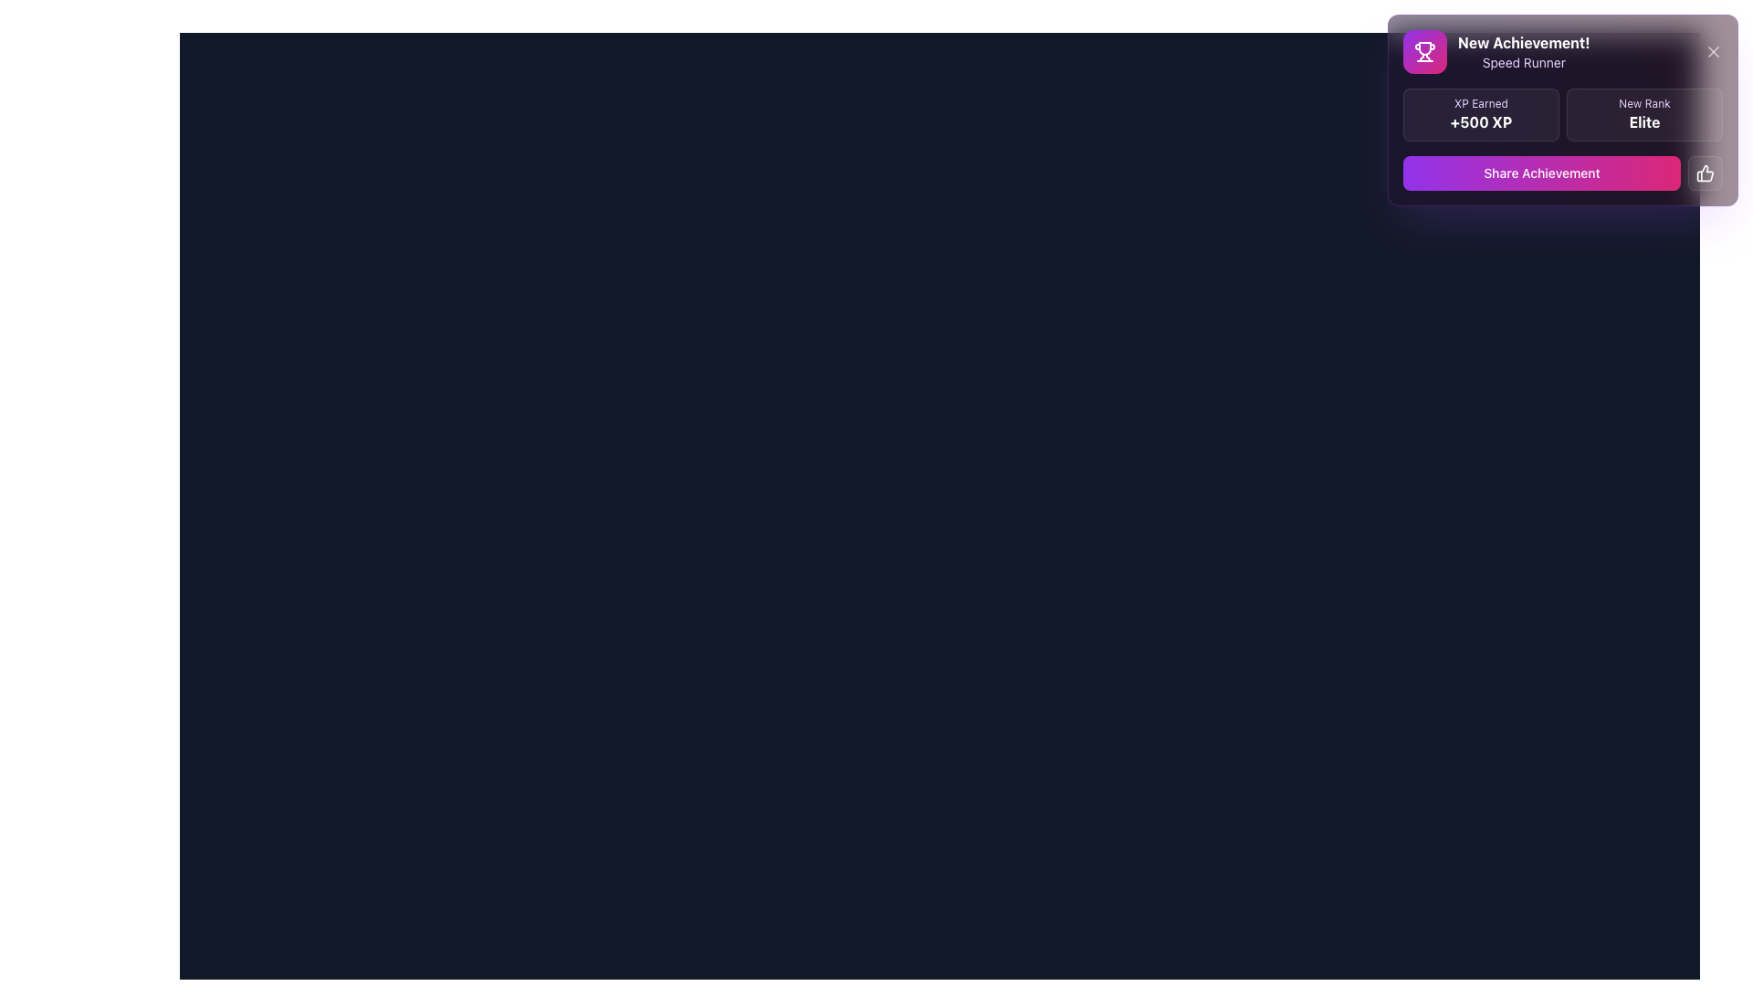 The width and height of the screenshot is (1753, 986). What do you see at coordinates (1704, 173) in the screenshot?
I see `the thumbs-up button with a bold white outline and semi-transparent dark background to convey appreciation` at bounding box center [1704, 173].